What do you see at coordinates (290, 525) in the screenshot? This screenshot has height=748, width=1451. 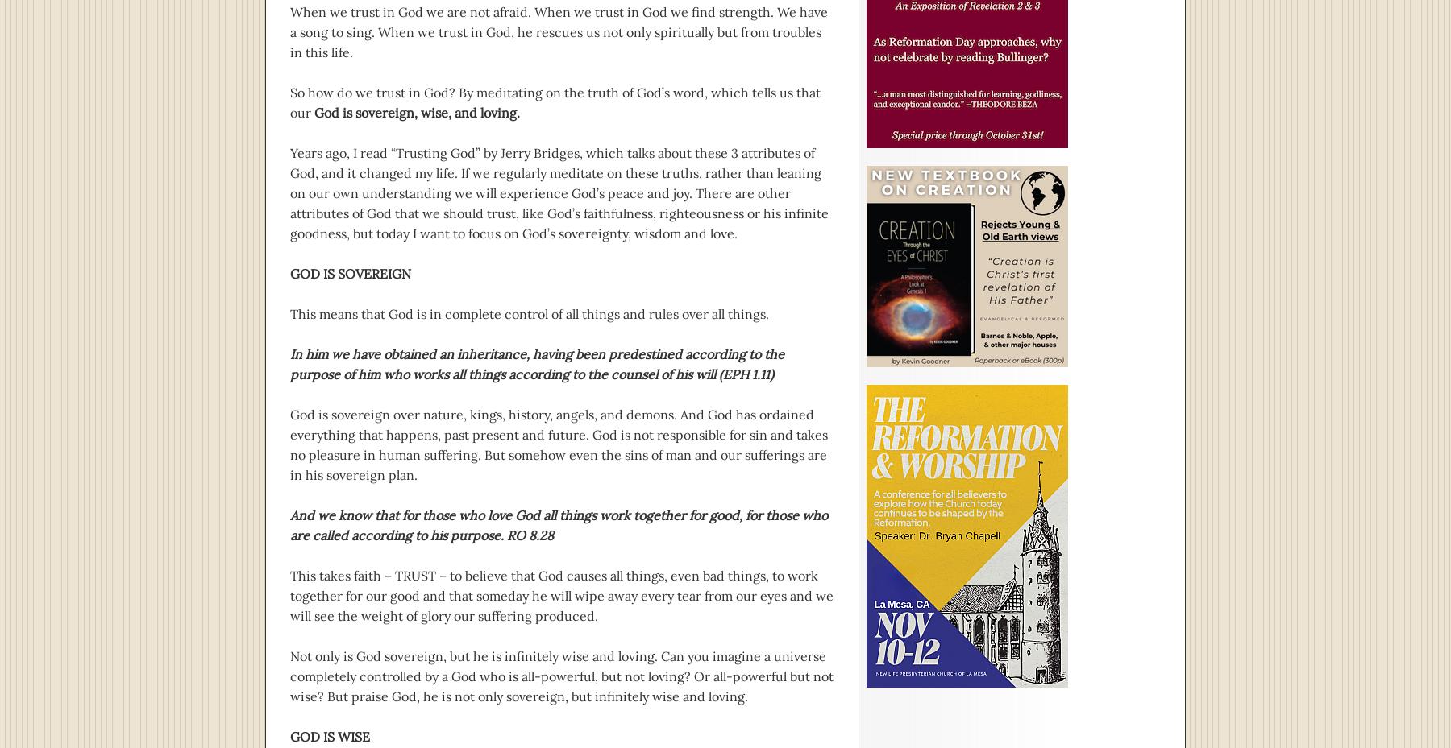 I see `'And we know that for those who love God all things work together for good, for those who are called according to his purpose. RO 8.28'` at bounding box center [290, 525].